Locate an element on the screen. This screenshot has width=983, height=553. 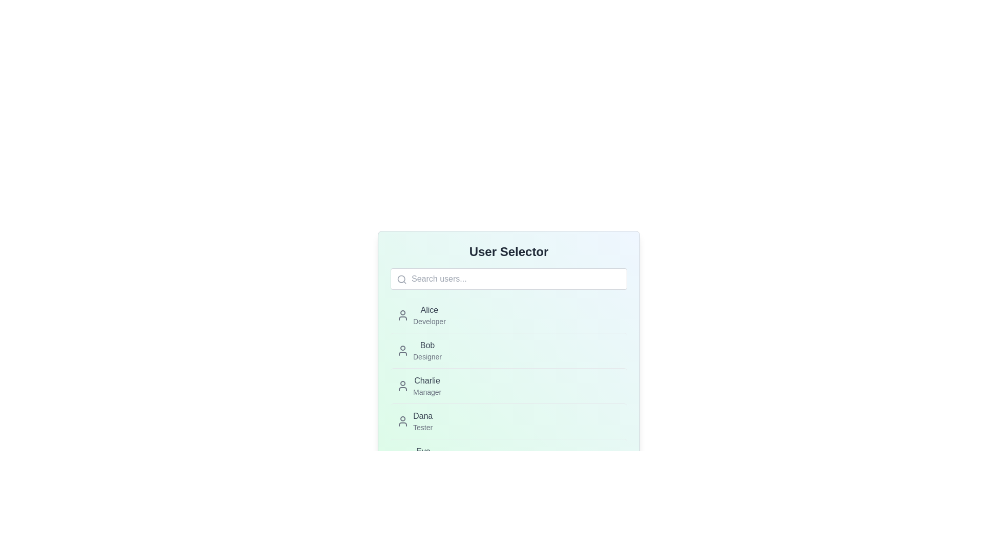
the user entry for 'Alice', the first user listing with a profile icon and details is located at coordinates (421, 315).